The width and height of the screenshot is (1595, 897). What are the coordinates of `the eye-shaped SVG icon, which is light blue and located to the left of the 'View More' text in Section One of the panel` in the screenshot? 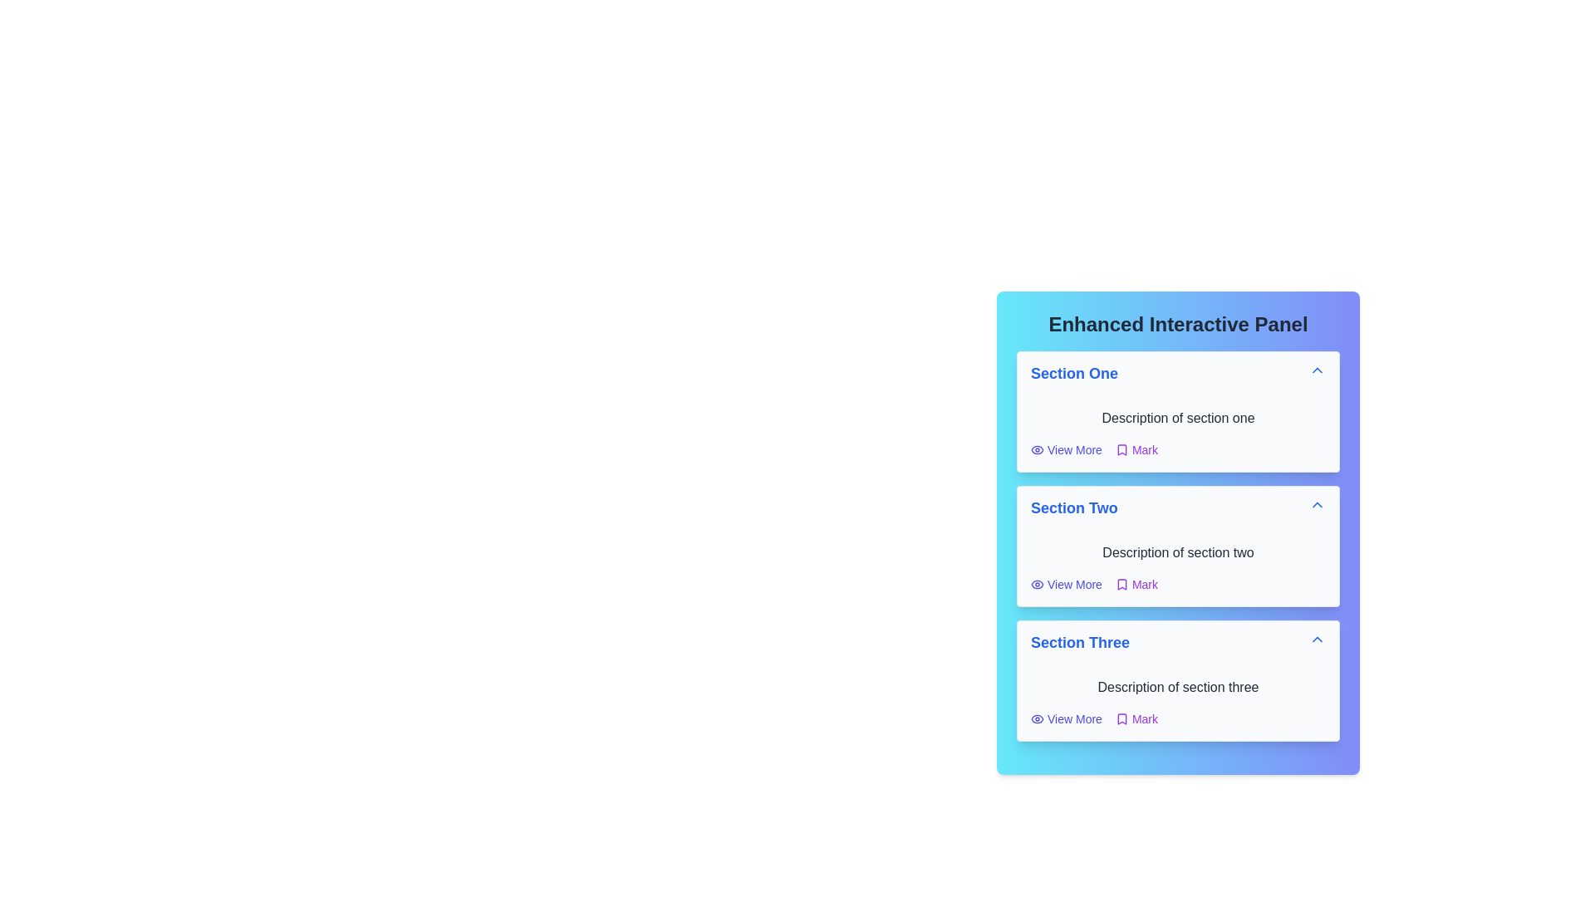 It's located at (1036, 450).